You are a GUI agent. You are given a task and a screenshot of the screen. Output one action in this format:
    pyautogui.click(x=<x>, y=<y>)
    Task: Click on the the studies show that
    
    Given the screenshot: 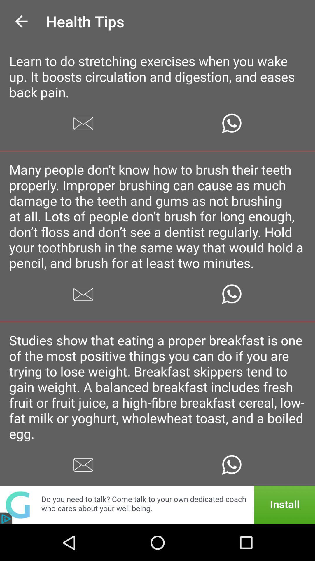 What is the action you would take?
    pyautogui.click(x=157, y=387)
    